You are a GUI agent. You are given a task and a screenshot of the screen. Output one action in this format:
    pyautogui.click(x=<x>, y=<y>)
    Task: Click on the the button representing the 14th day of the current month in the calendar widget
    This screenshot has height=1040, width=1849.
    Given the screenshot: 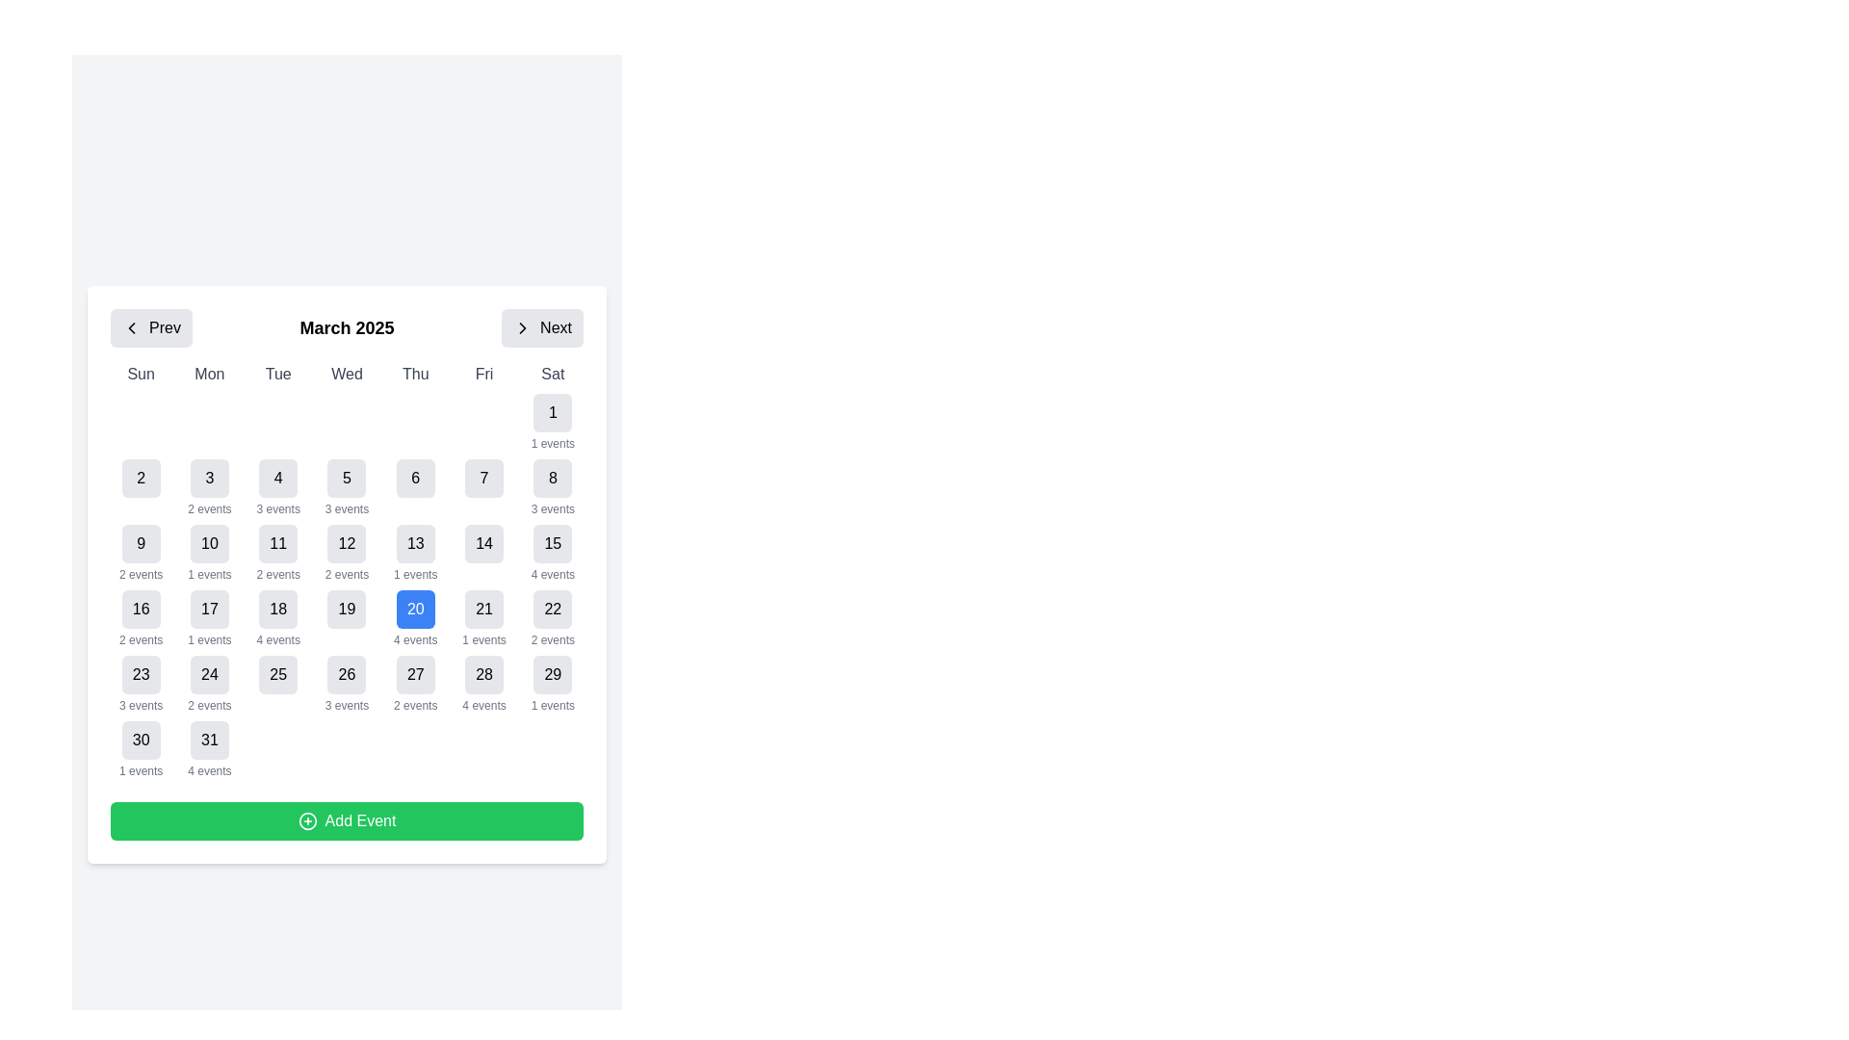 What is the action you would take?
    pyautogui.click(x=484, y=553)
    